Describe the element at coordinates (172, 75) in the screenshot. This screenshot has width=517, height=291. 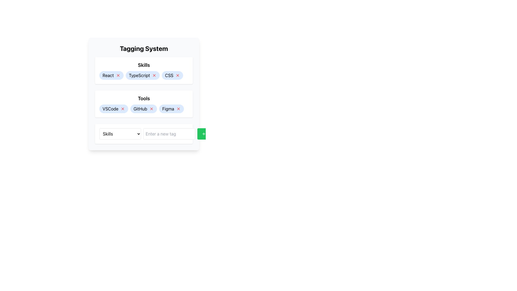
I see `the Tag element labeled 'CSS' with a light blue background` at that location.